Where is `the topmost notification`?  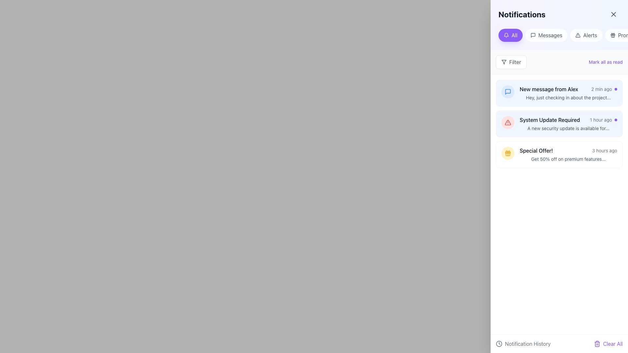 the topmost notification is located at coordinates (568, 89).